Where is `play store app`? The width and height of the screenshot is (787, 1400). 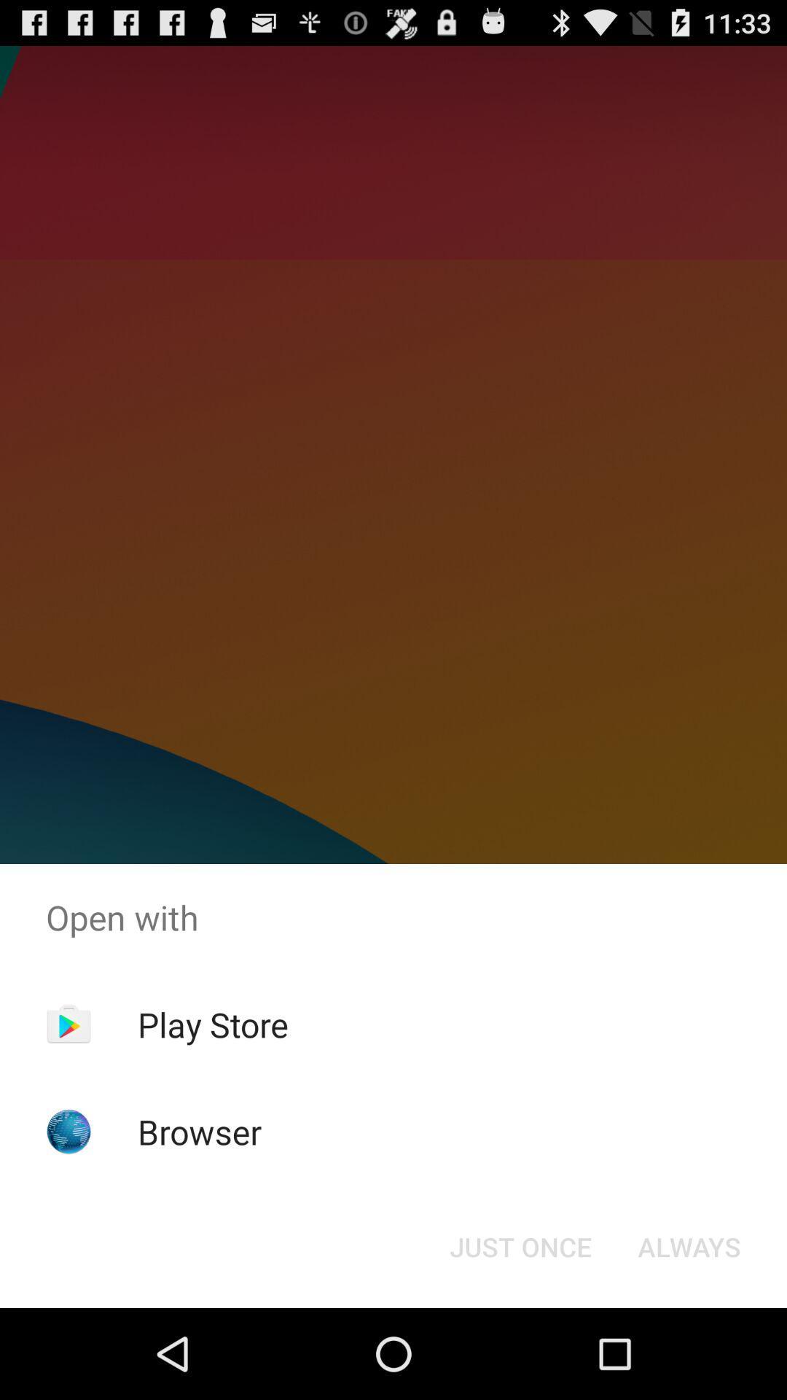
play store app is located at coordinates (213, 1024).